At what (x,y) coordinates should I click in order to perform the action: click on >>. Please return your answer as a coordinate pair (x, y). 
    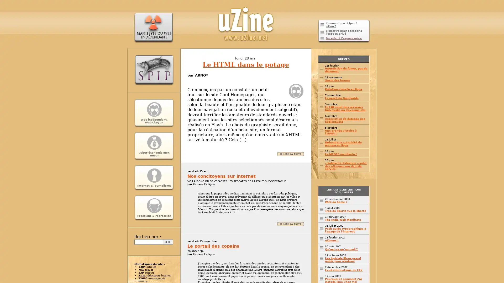
    Looking at the image, I should click on (167, 242).